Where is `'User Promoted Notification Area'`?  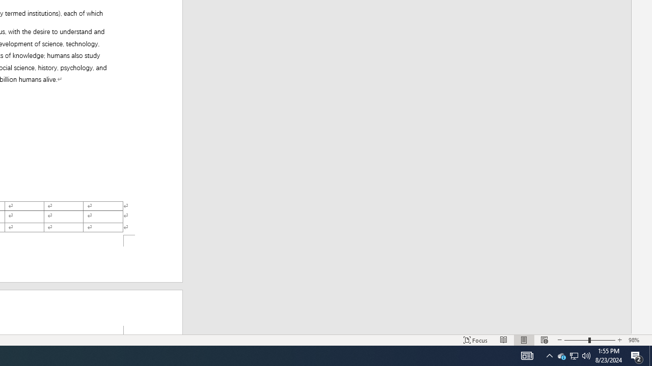
'User Promoted Notification Area' is located at coordinates (561, 355).